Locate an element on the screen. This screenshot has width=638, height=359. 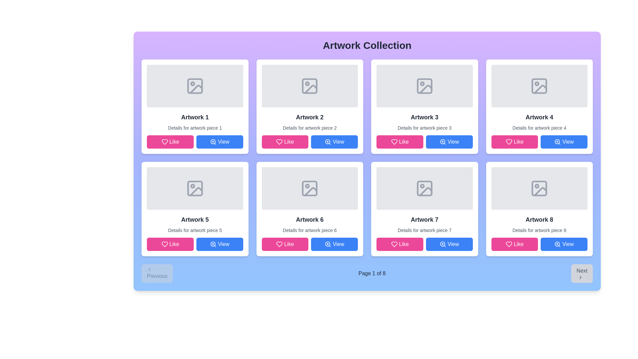
the button located in the second row of the grid layout, specifically under the card labeled 'Artwork 5' is located at coordinates (220, 244).